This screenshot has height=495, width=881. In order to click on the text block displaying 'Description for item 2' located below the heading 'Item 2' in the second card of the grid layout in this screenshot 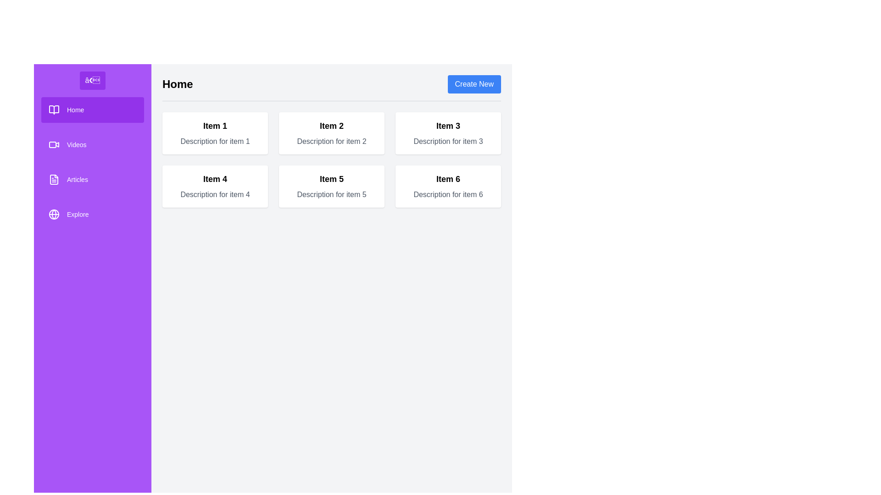, I will do `click(331, 141)`.